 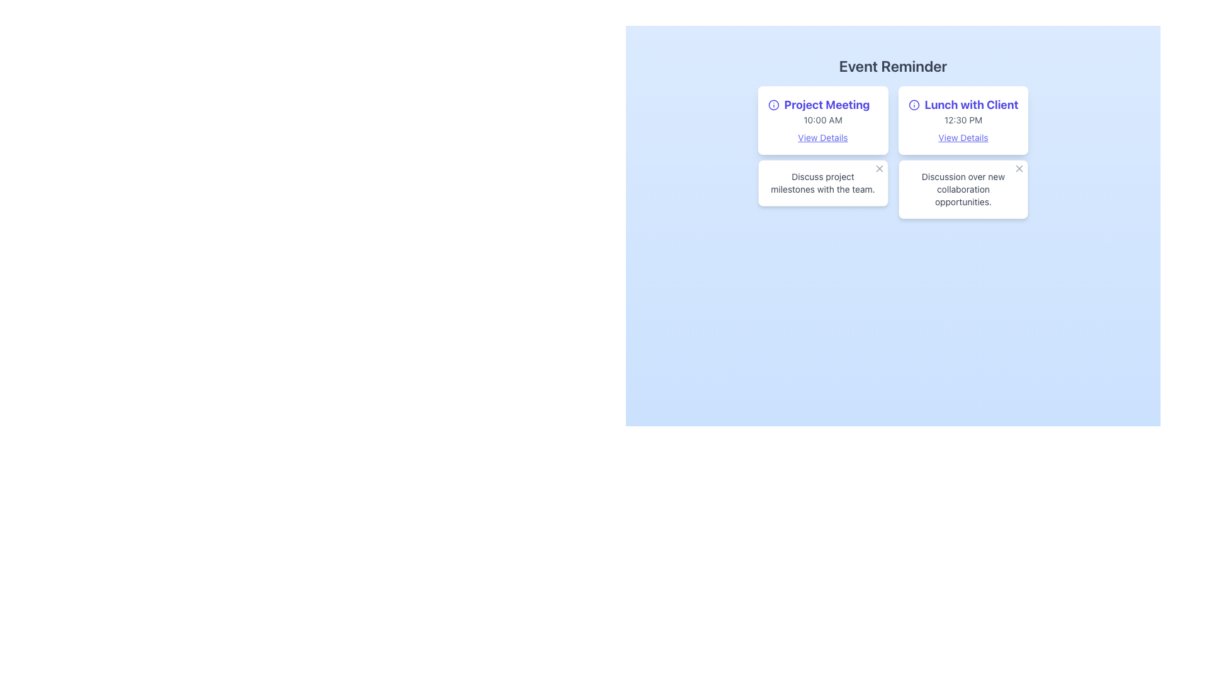 What do you see at coordinates (914, 104) in the screenshot?
I see `the blue circular icon located next to the 'Lunch with Client' text in the second event card under the 'Event Reminder' header` at bounding box center [914, 104].